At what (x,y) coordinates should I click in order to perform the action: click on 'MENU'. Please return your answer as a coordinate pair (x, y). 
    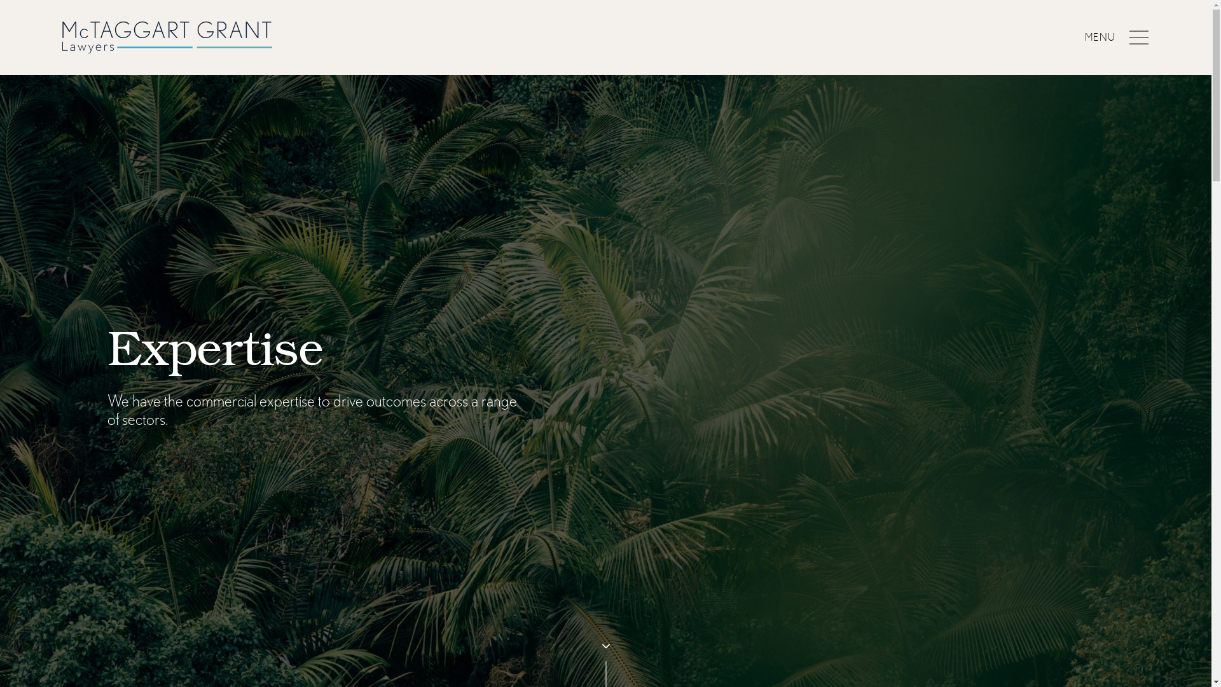
    Looking at the image, I should click on (1116, 36).